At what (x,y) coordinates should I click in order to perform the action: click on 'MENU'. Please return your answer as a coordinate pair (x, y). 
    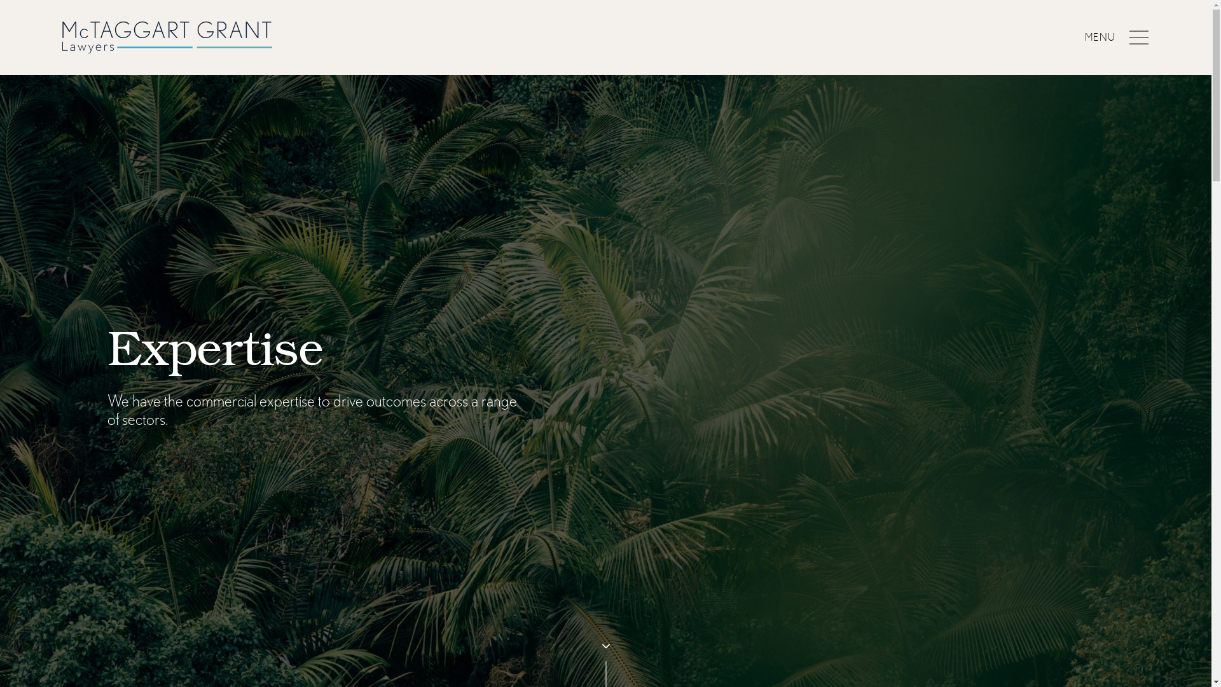
    Looking at the image, I should click on (1116, 36).